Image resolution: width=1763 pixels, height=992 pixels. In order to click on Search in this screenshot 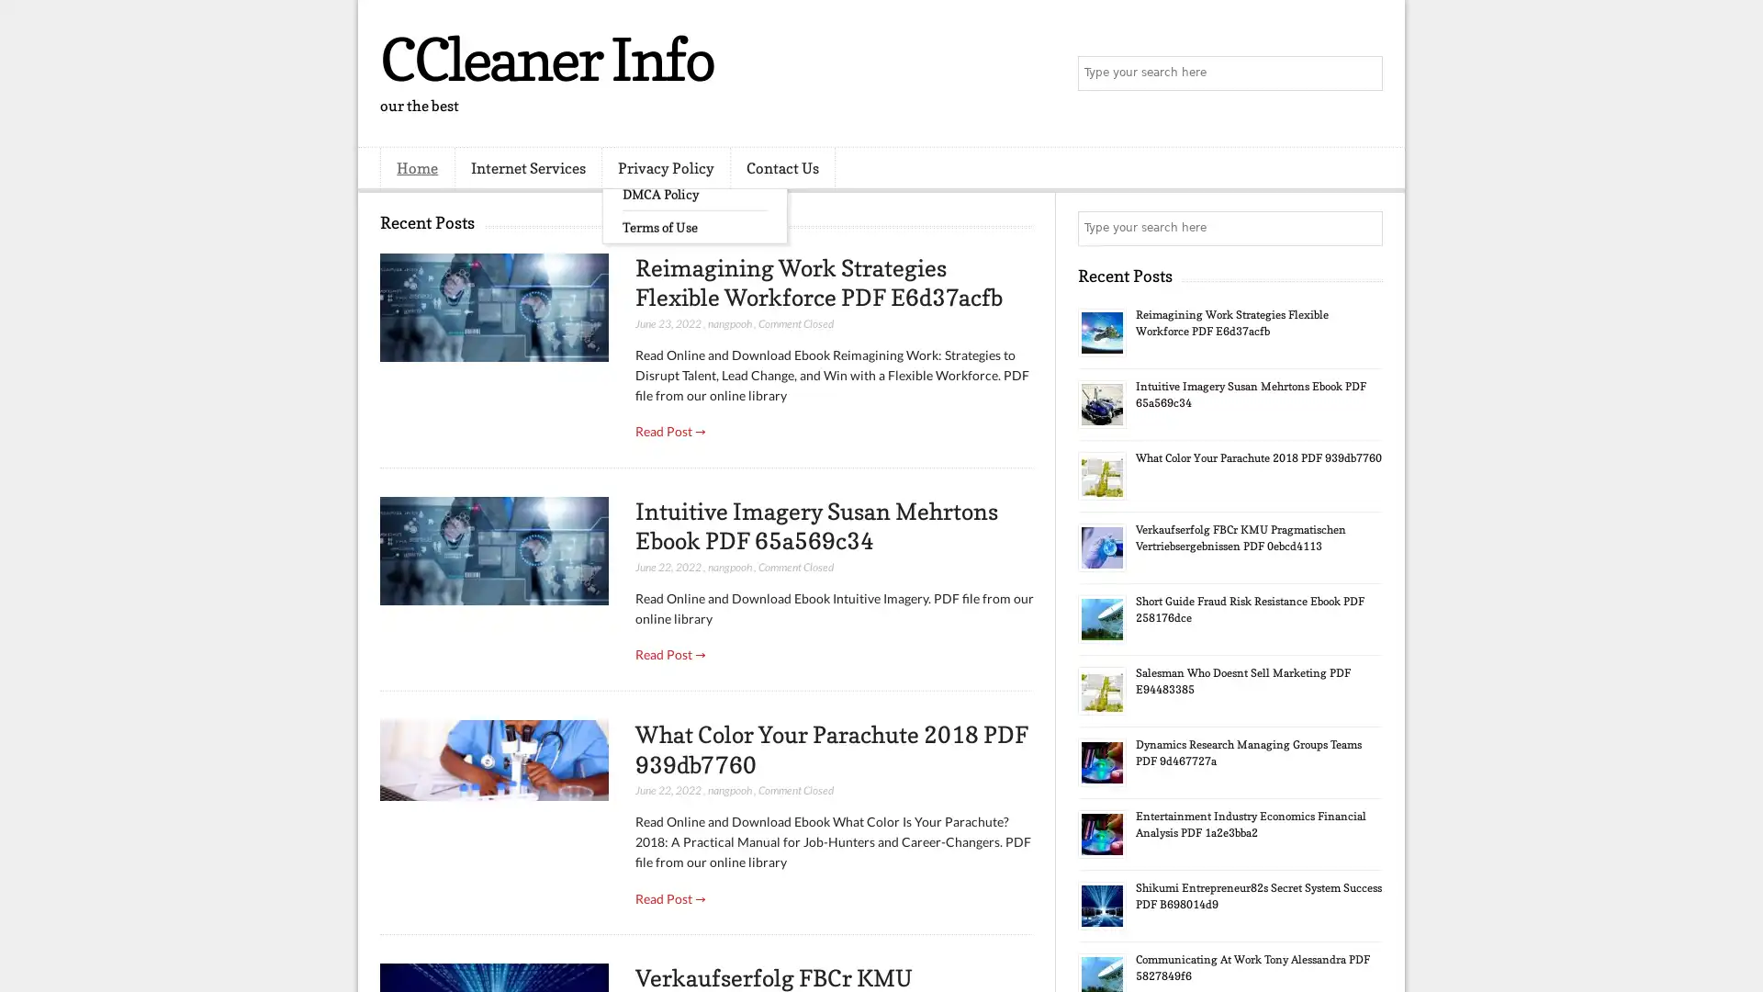, I will do `click(1364, 228)`.